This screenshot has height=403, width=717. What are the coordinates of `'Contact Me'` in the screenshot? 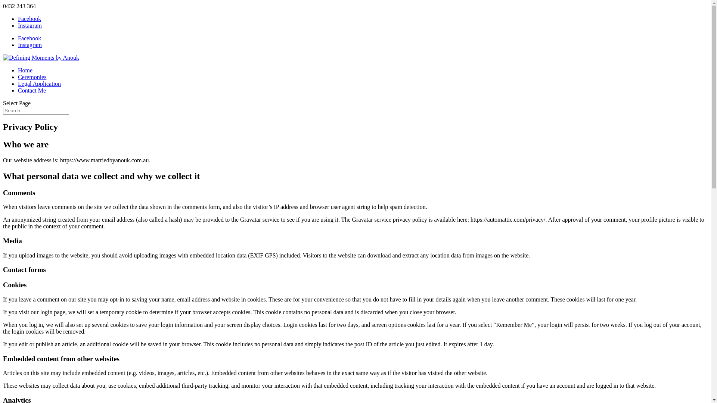 It's located at (31, 90).